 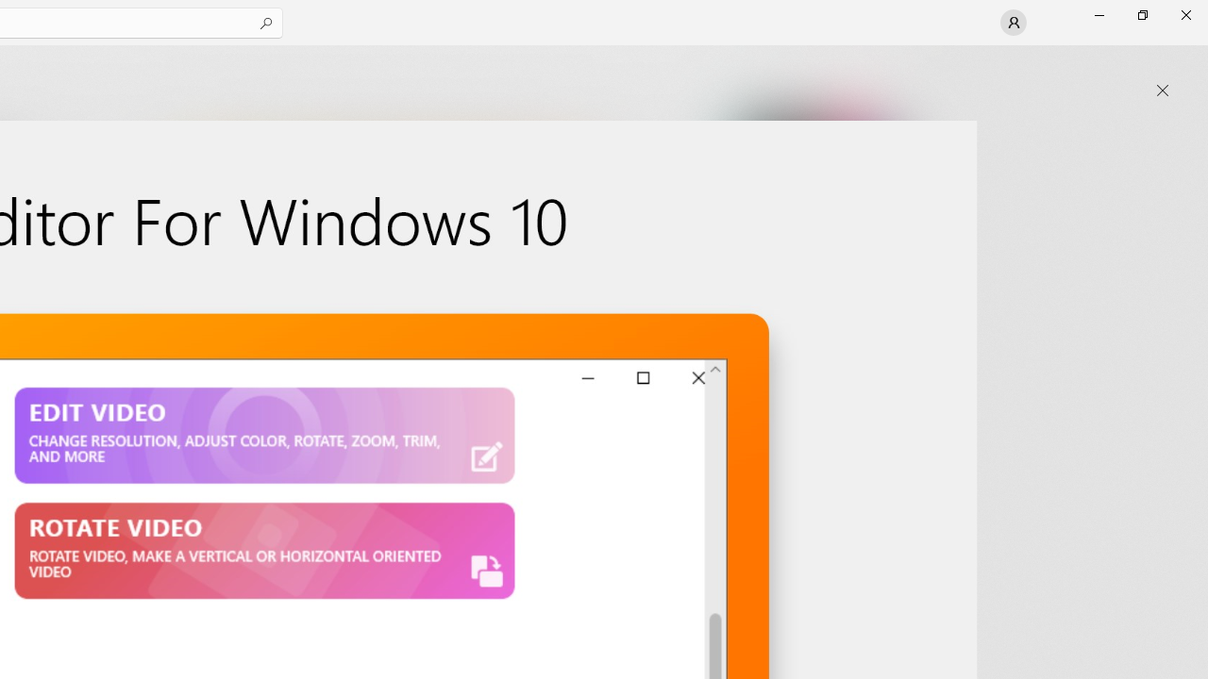 I want to click on 'close popup window', so click(x=1162, y=91).